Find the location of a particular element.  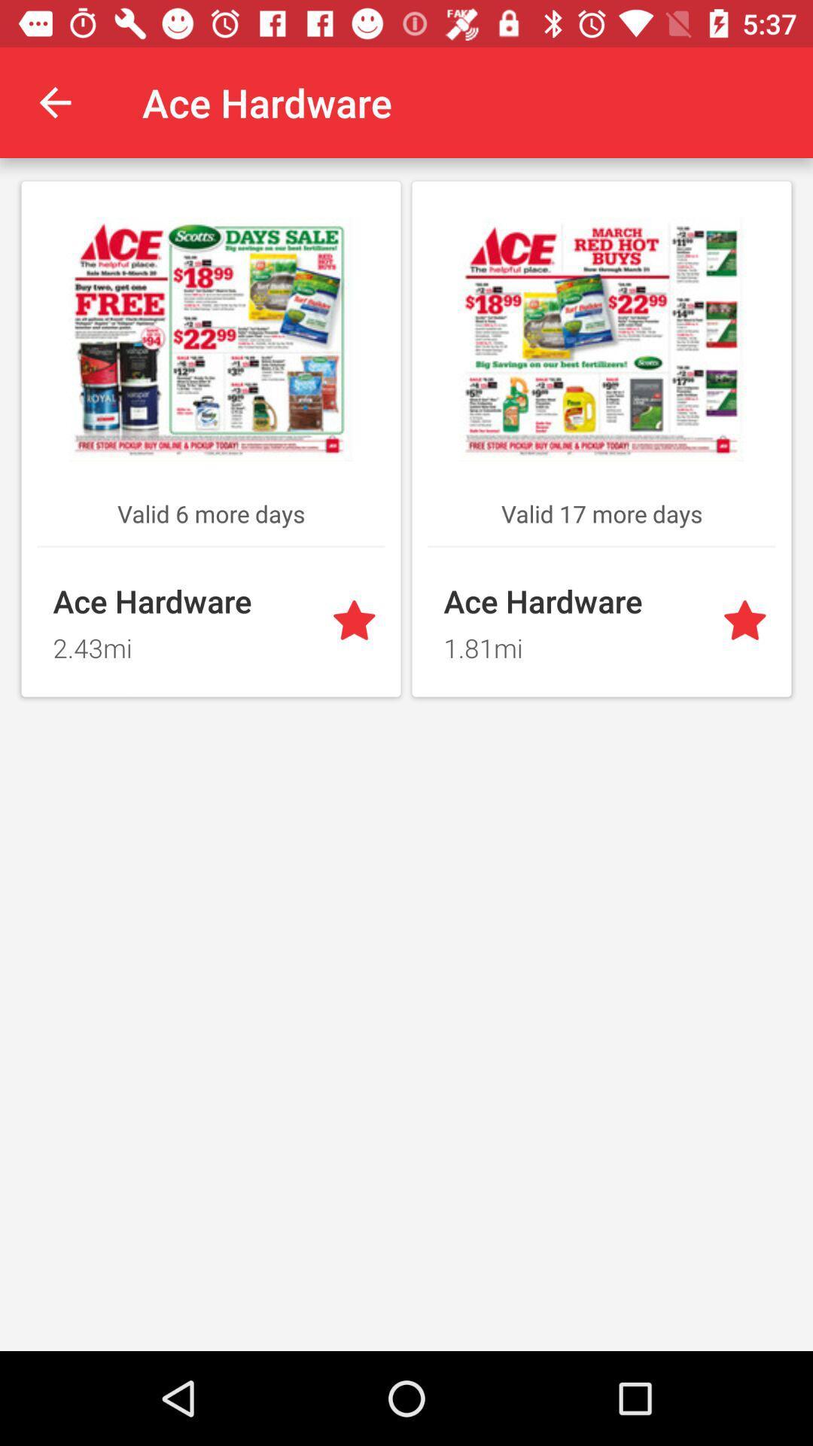

1.81mi is located at coordinates (574, 643).